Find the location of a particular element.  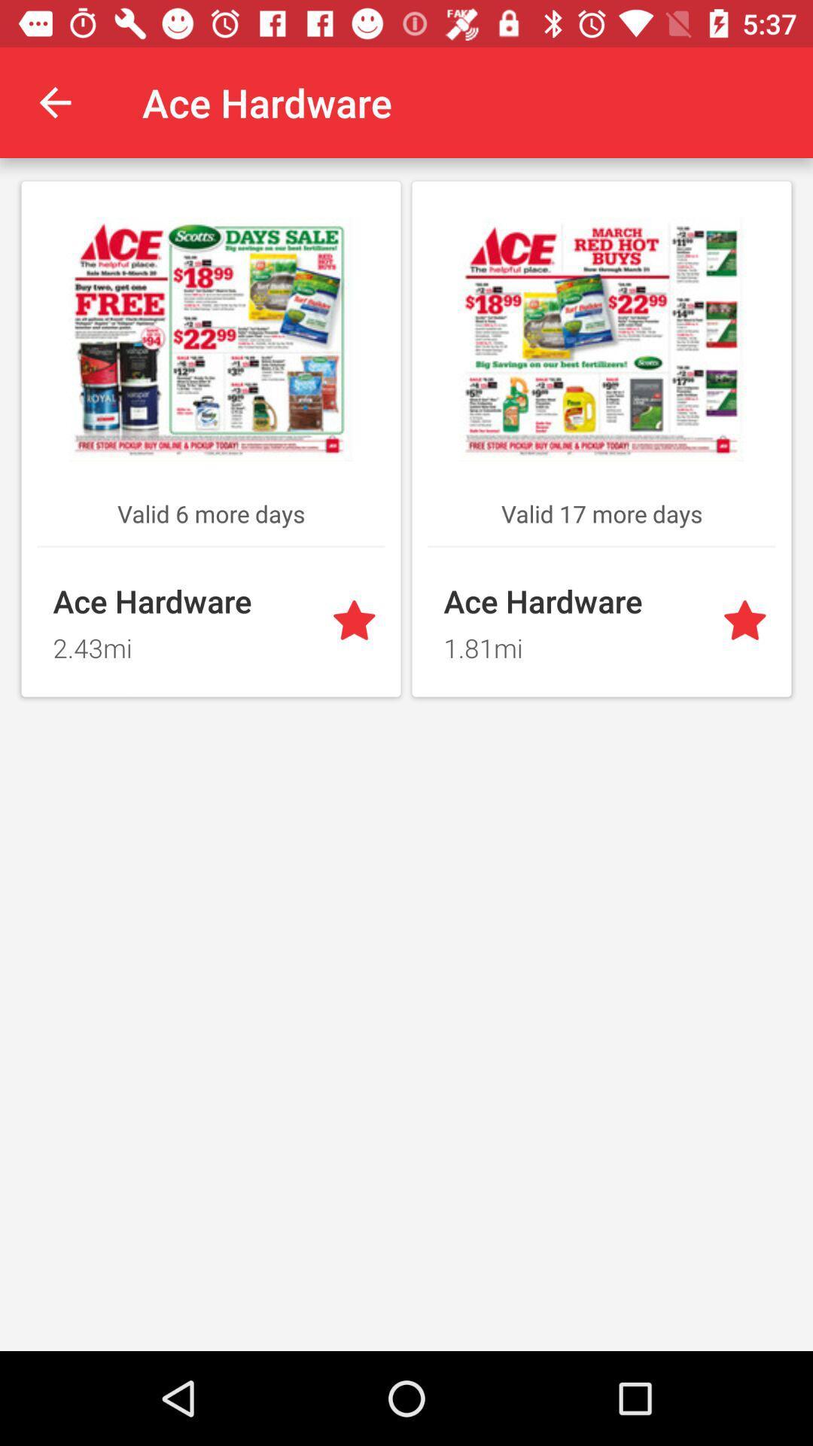

1.81mi is located at coordinates (574, 643).